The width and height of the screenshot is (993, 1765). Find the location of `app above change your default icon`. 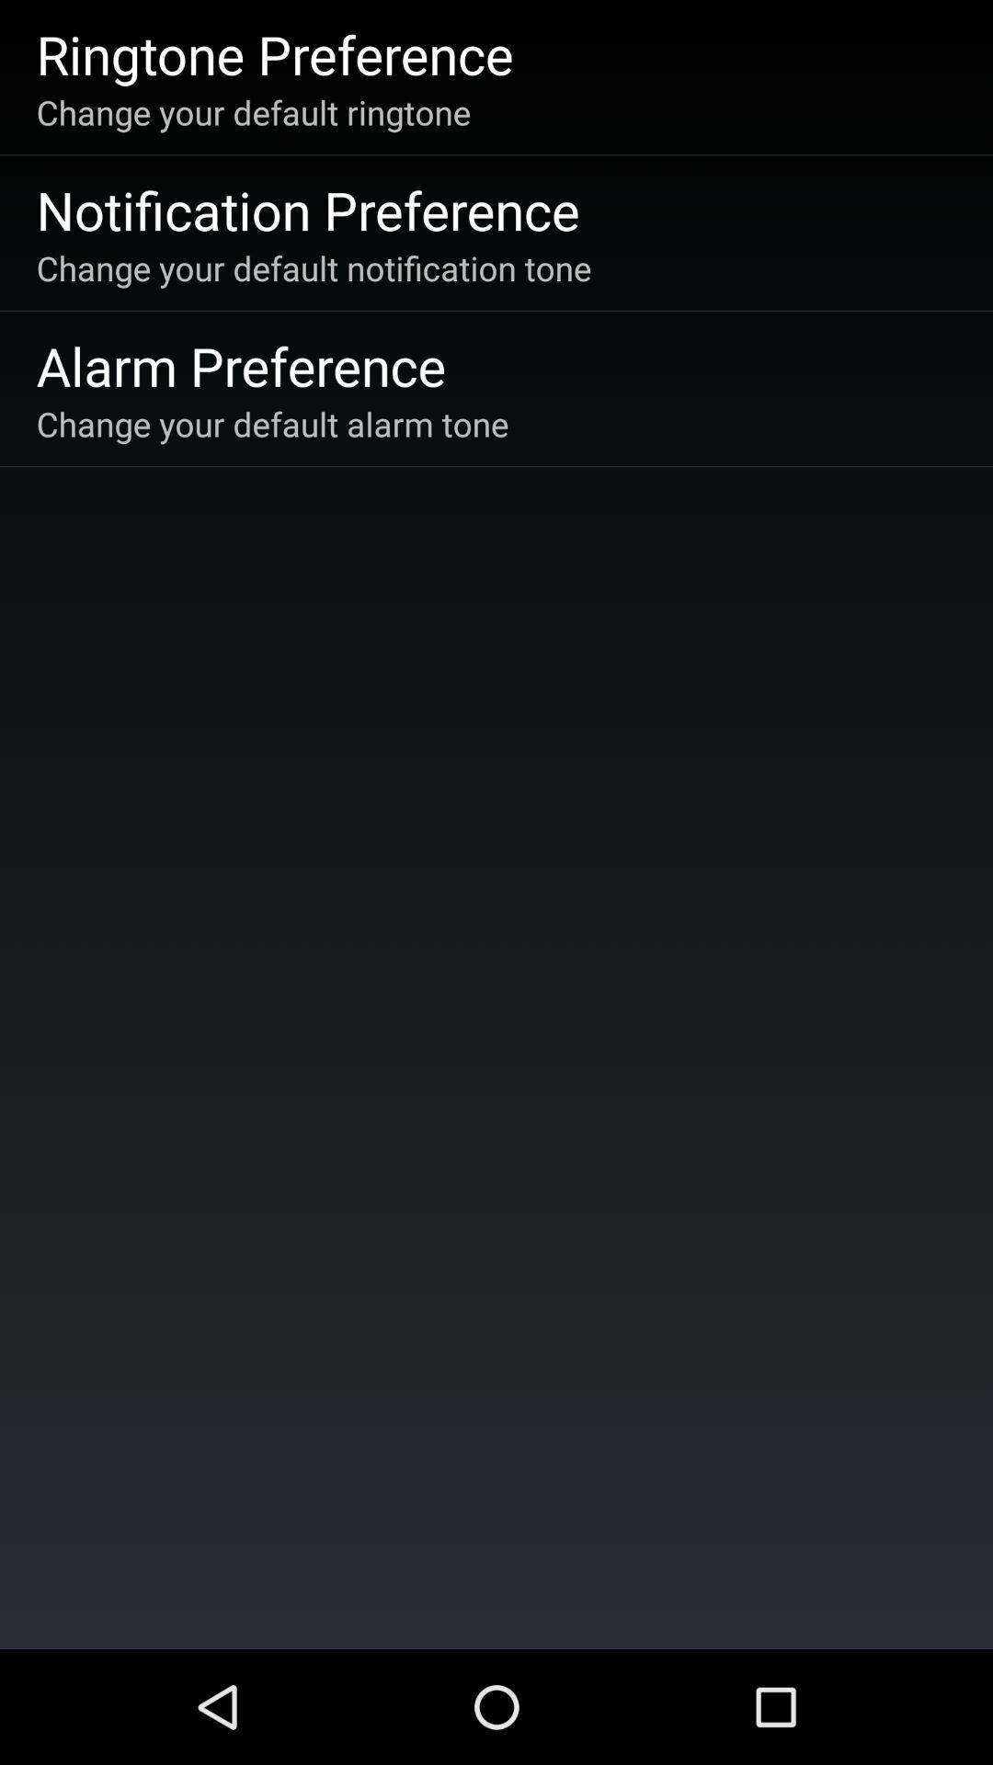

app above change your default icon is located at coordinates (275, 53).